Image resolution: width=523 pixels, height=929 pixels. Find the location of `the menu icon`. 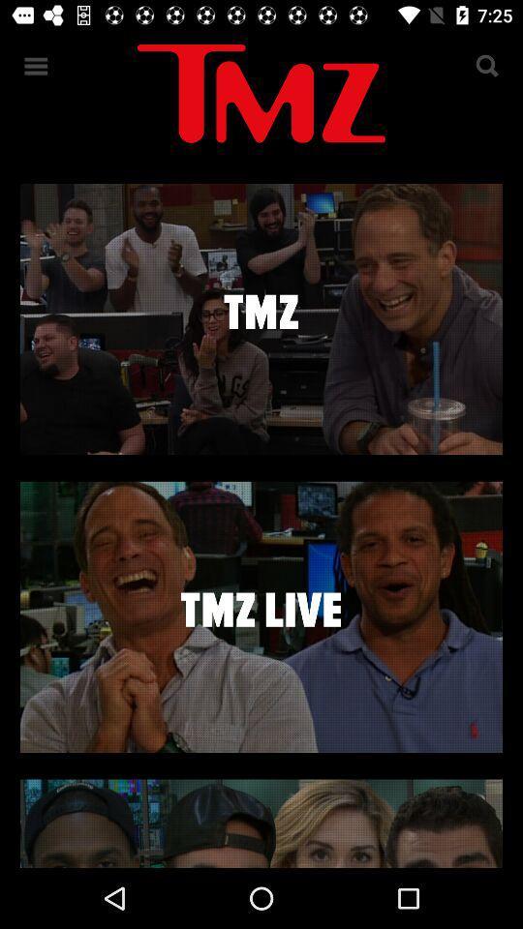

the menu icon is located at coordinates (36, 66).